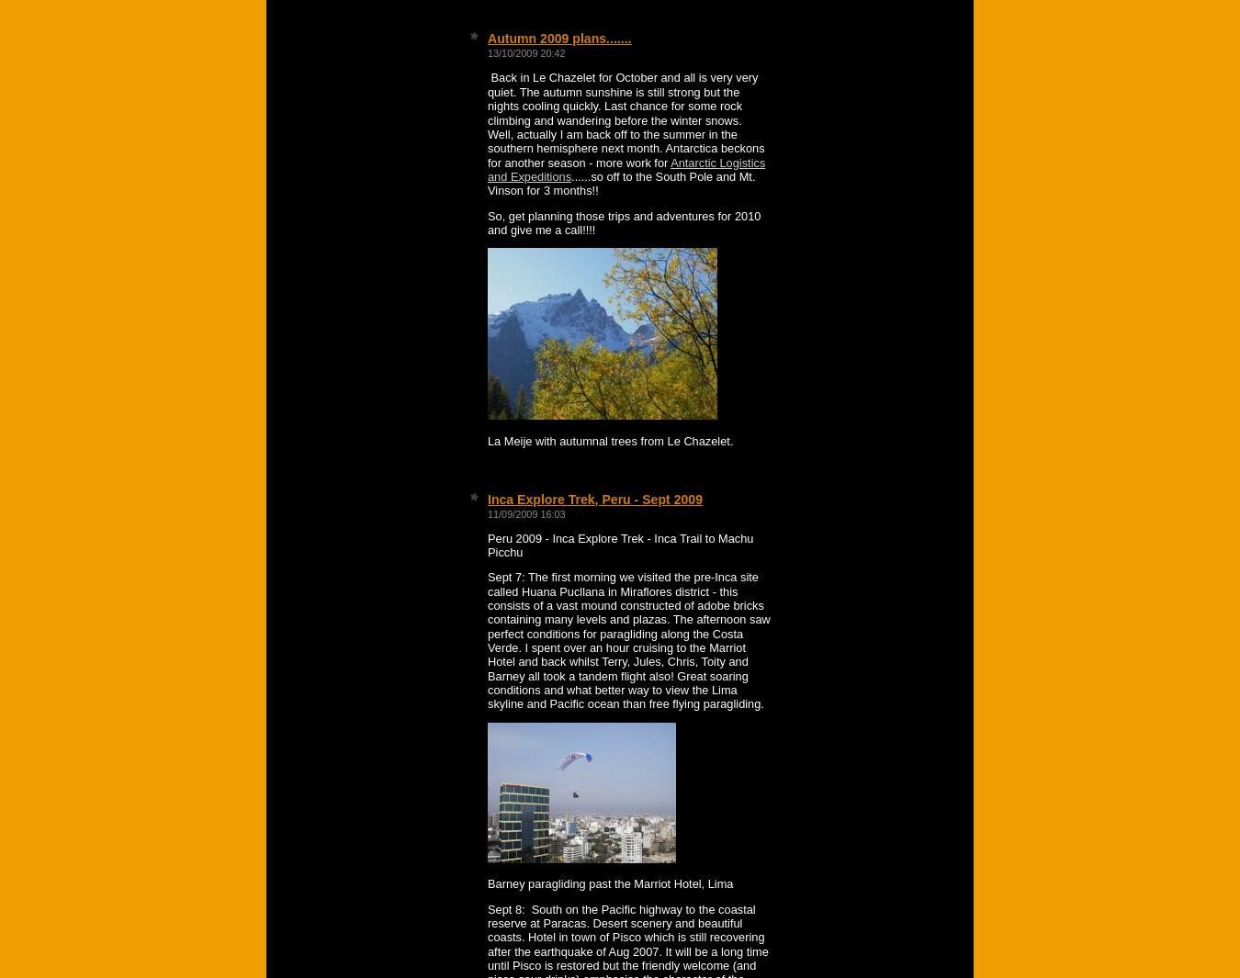  I want to click on 'Barney paragliding past the Marriot Hotel, Lima', so click(610, 883).